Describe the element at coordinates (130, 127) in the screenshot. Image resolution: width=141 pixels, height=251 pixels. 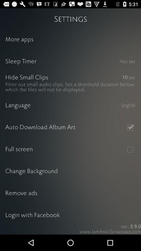
I see `if album art is downloaded automatically` at that location.